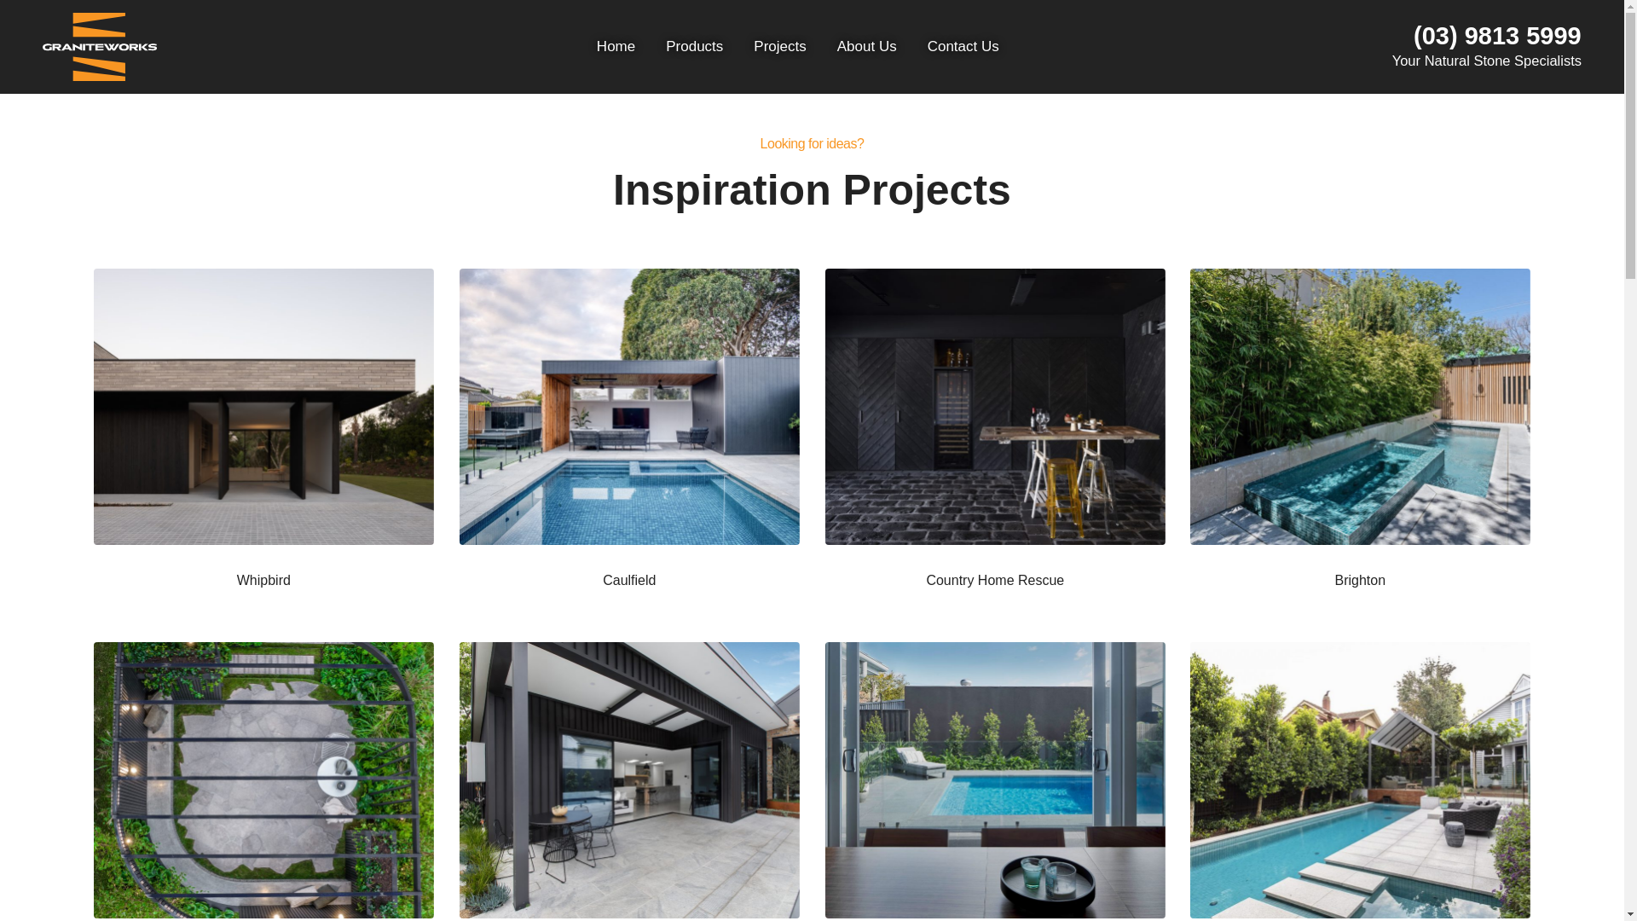 This screenshot has width=1637, height=921. I want to click on 'Home', so click(615, 45).